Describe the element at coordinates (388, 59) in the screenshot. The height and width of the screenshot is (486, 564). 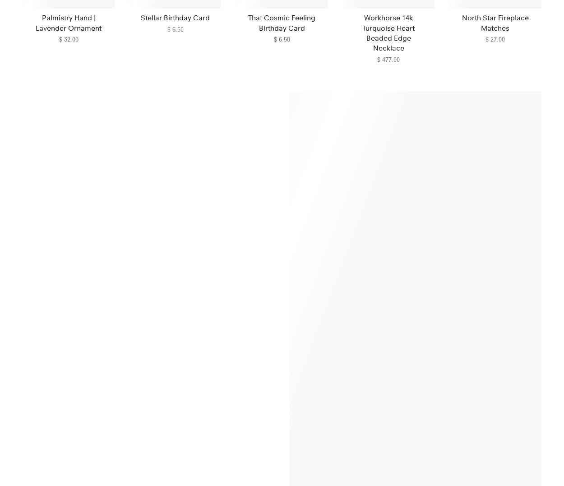
I see `'$ 477.00'` at that location.